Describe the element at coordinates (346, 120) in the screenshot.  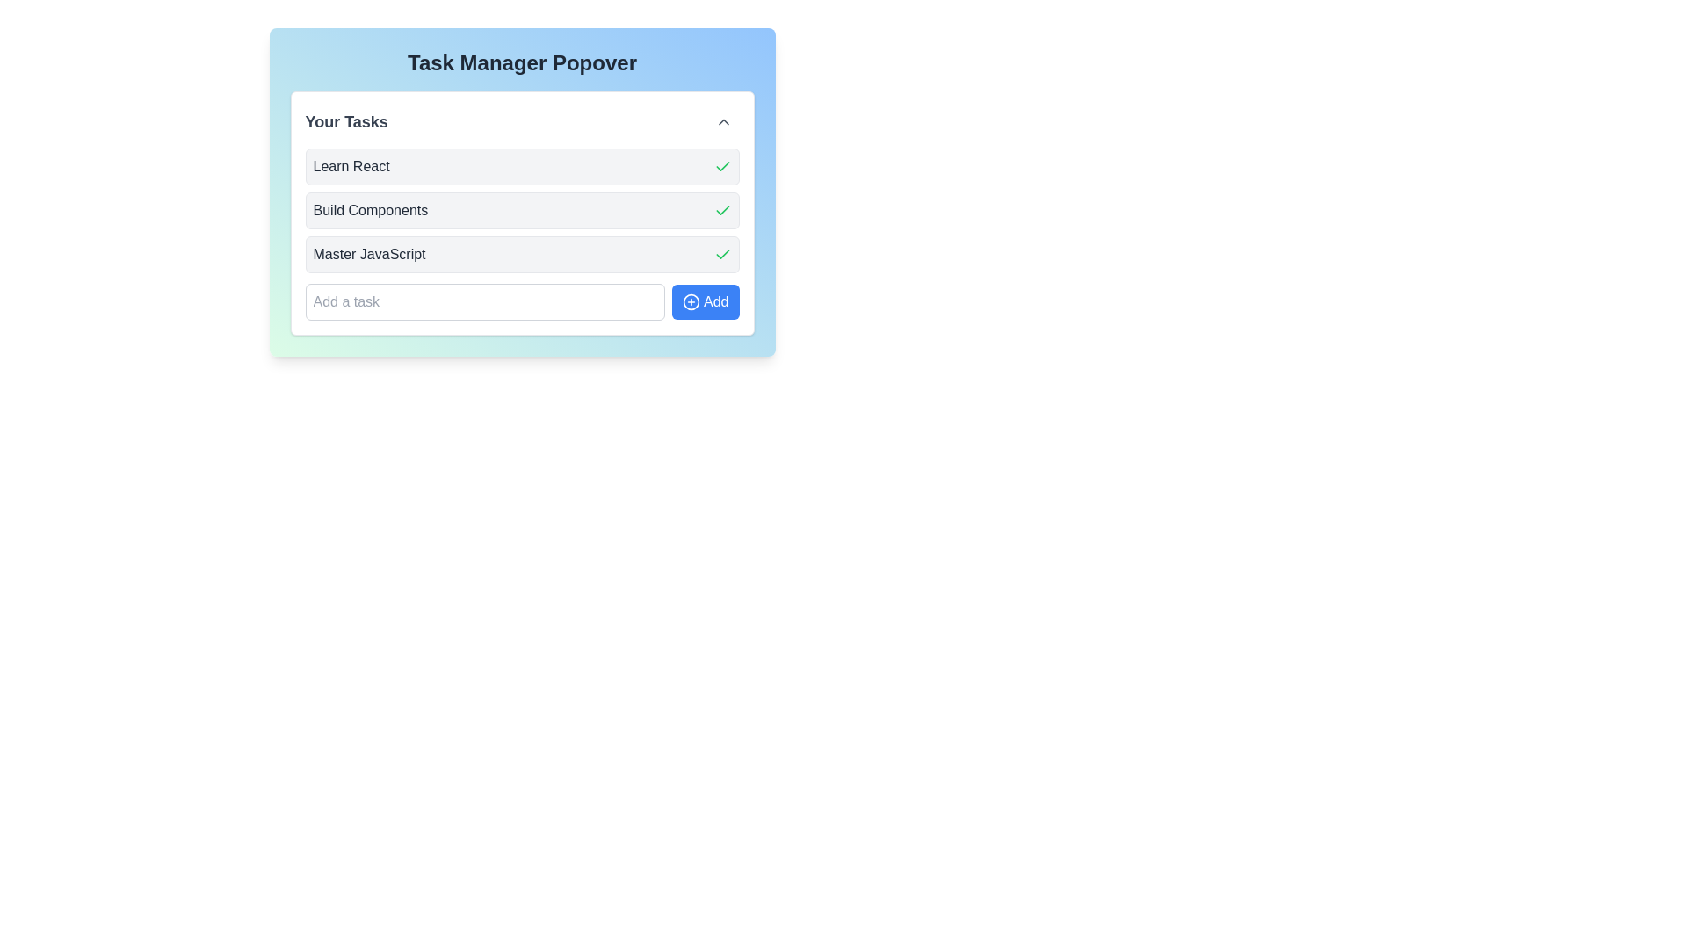
I see `the 'Your Tasks' text label, which is in bold, large dark gray font within the header section of the Task Manager Popover` at that location.